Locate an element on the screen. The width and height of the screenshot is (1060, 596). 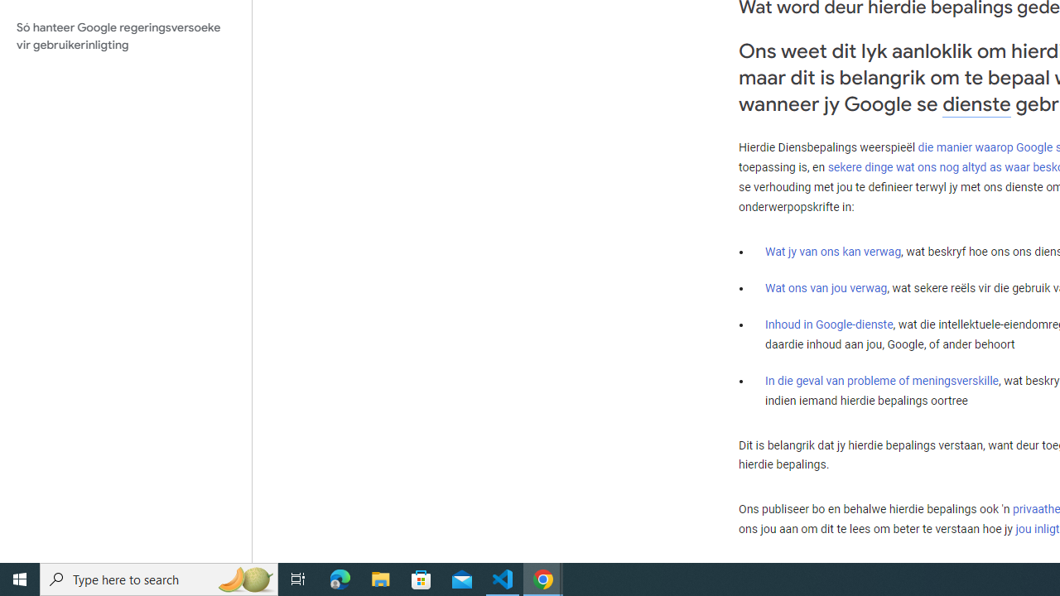
'Wat jy van ons kan verwag' is located at coordinates (833, 252).